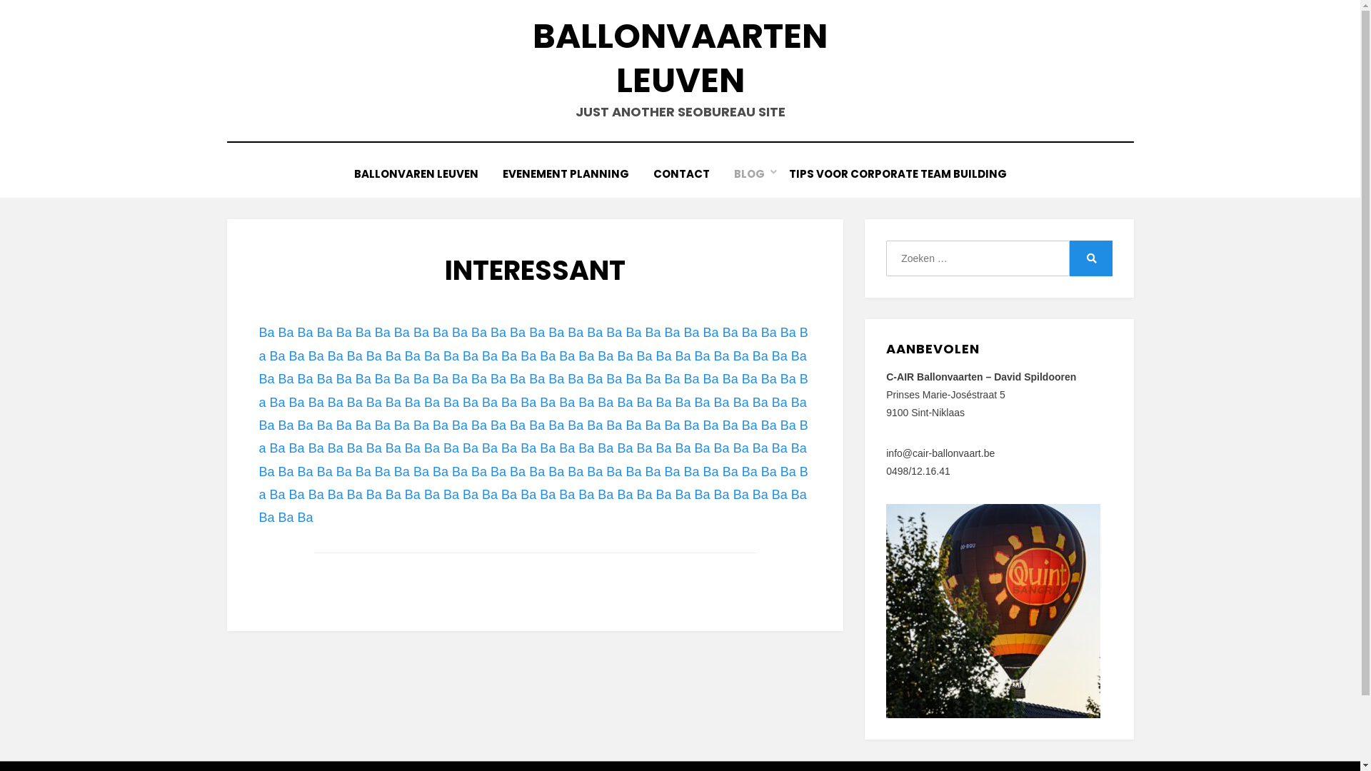 The image size is (1371, 771). Describe the element at coordinates (740, 402) in the screenshot. I see `'Ba'` at that location.